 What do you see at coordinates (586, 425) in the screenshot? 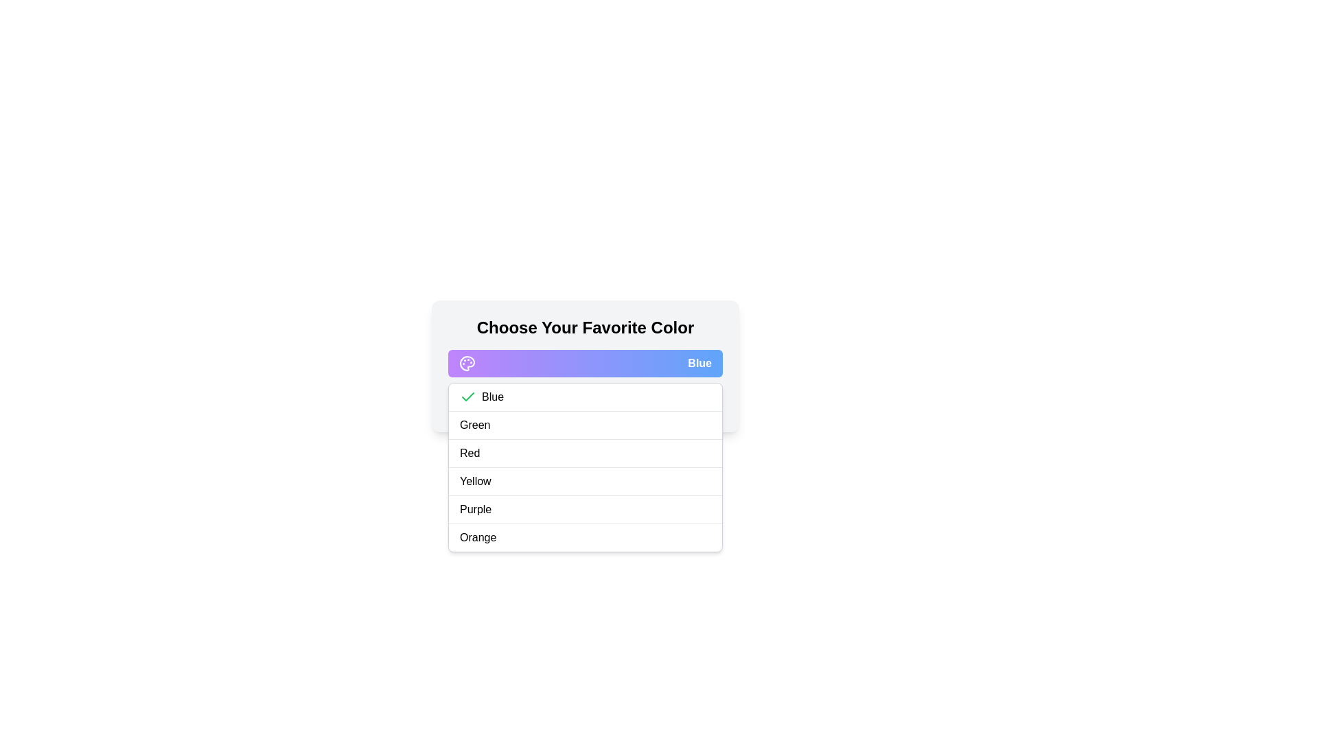
I see `the dropdown menu item labeled 'Green'` at bounding box center [586, 425].